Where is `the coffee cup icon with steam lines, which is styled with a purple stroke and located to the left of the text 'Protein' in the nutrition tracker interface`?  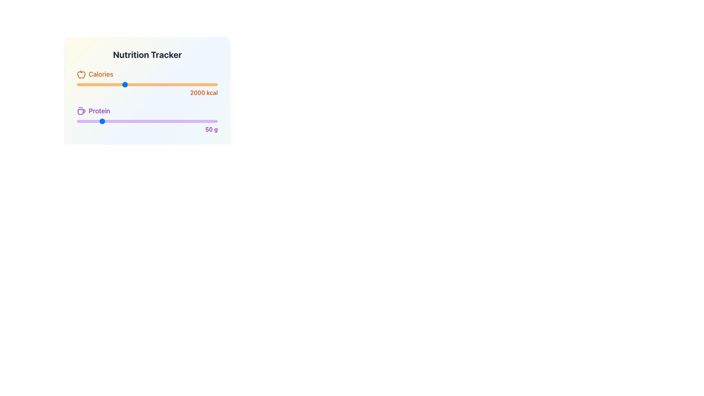
the coffee cup icon with steam lines, which is styled with a purple stroke and located to the left of the text 'Protein' in the nutrition tracker interface is located at coordinates (81, 111).